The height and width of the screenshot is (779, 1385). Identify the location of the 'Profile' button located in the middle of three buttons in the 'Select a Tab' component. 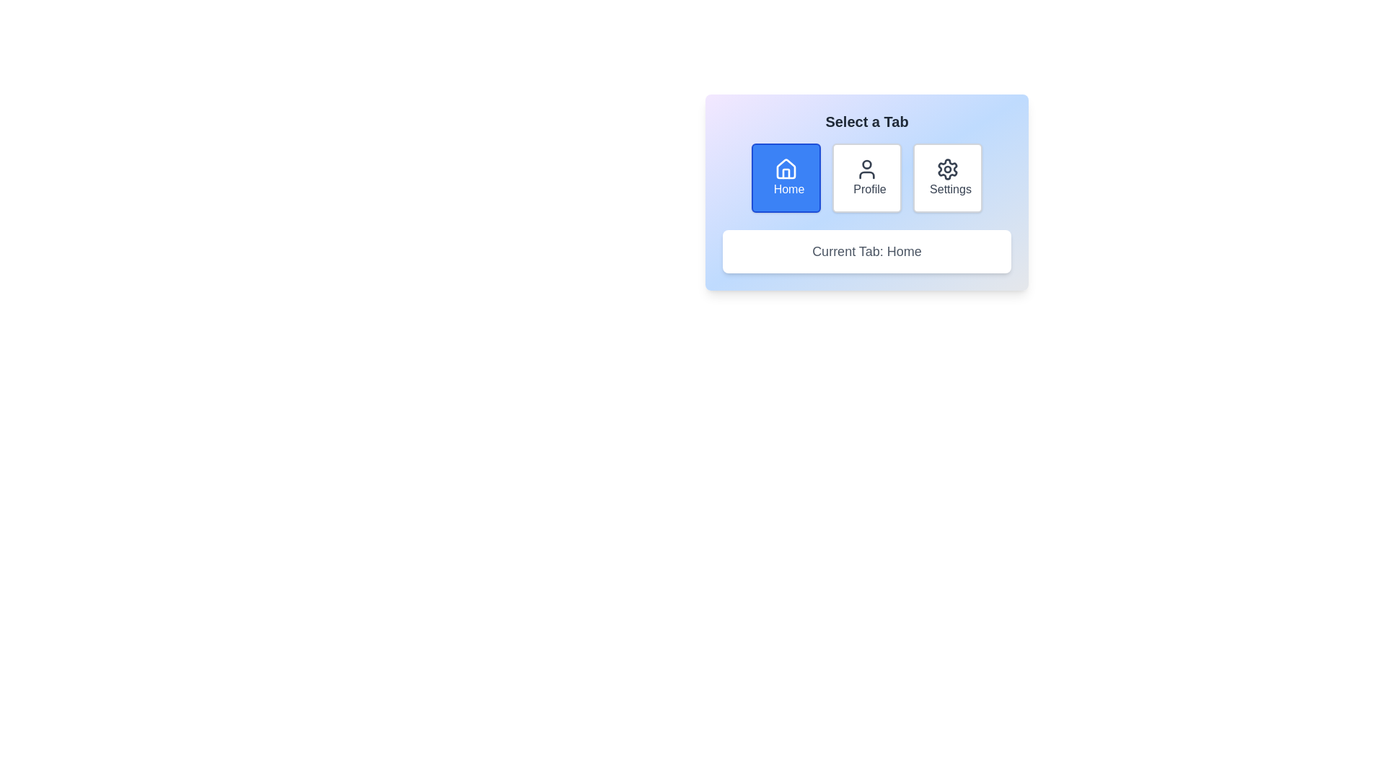
(866, 177).